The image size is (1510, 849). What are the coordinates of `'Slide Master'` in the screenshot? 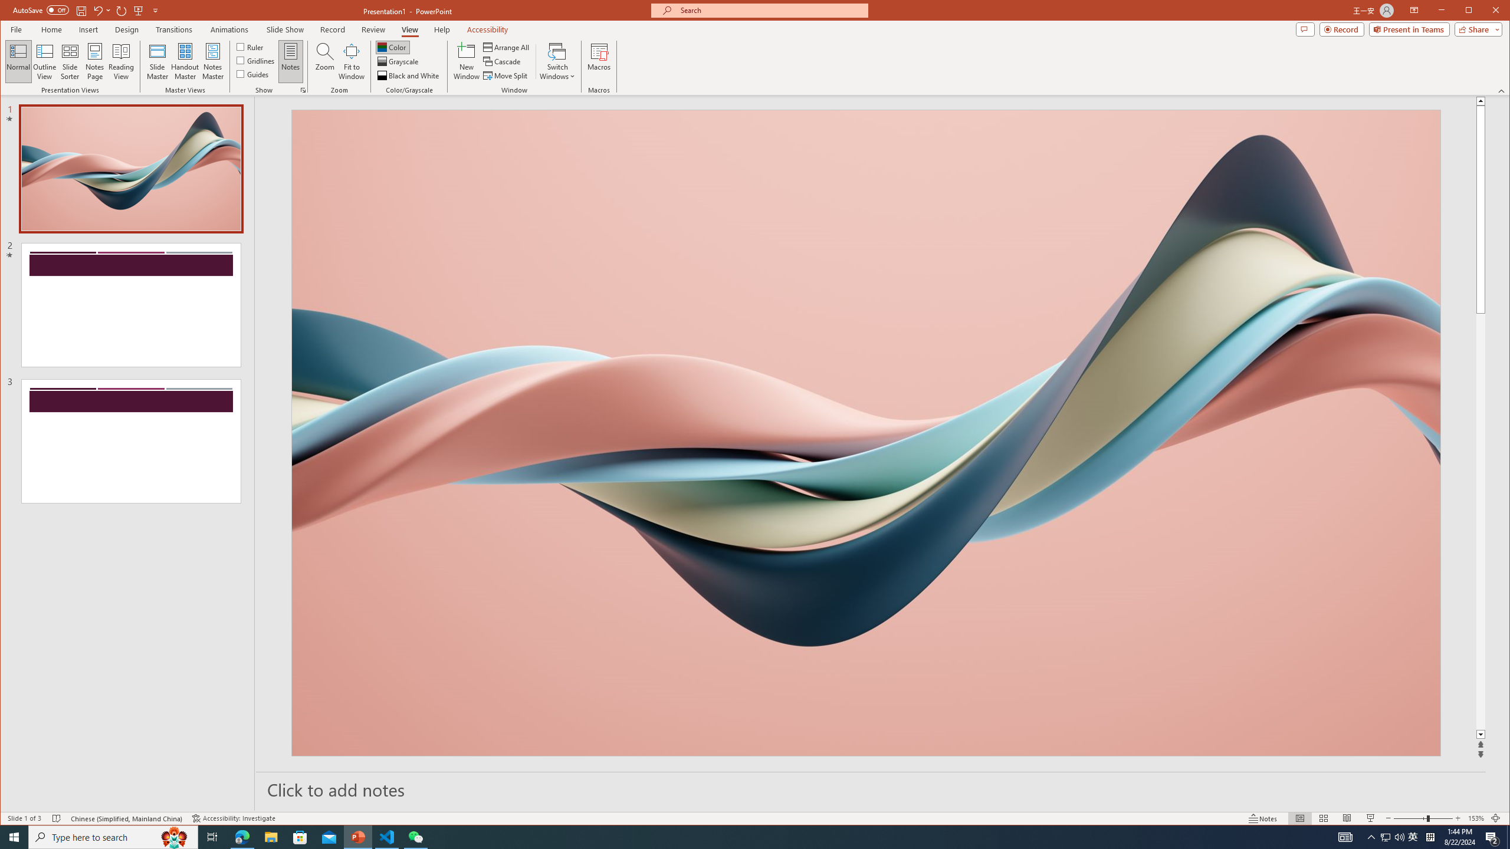 It's located at (156, 61).